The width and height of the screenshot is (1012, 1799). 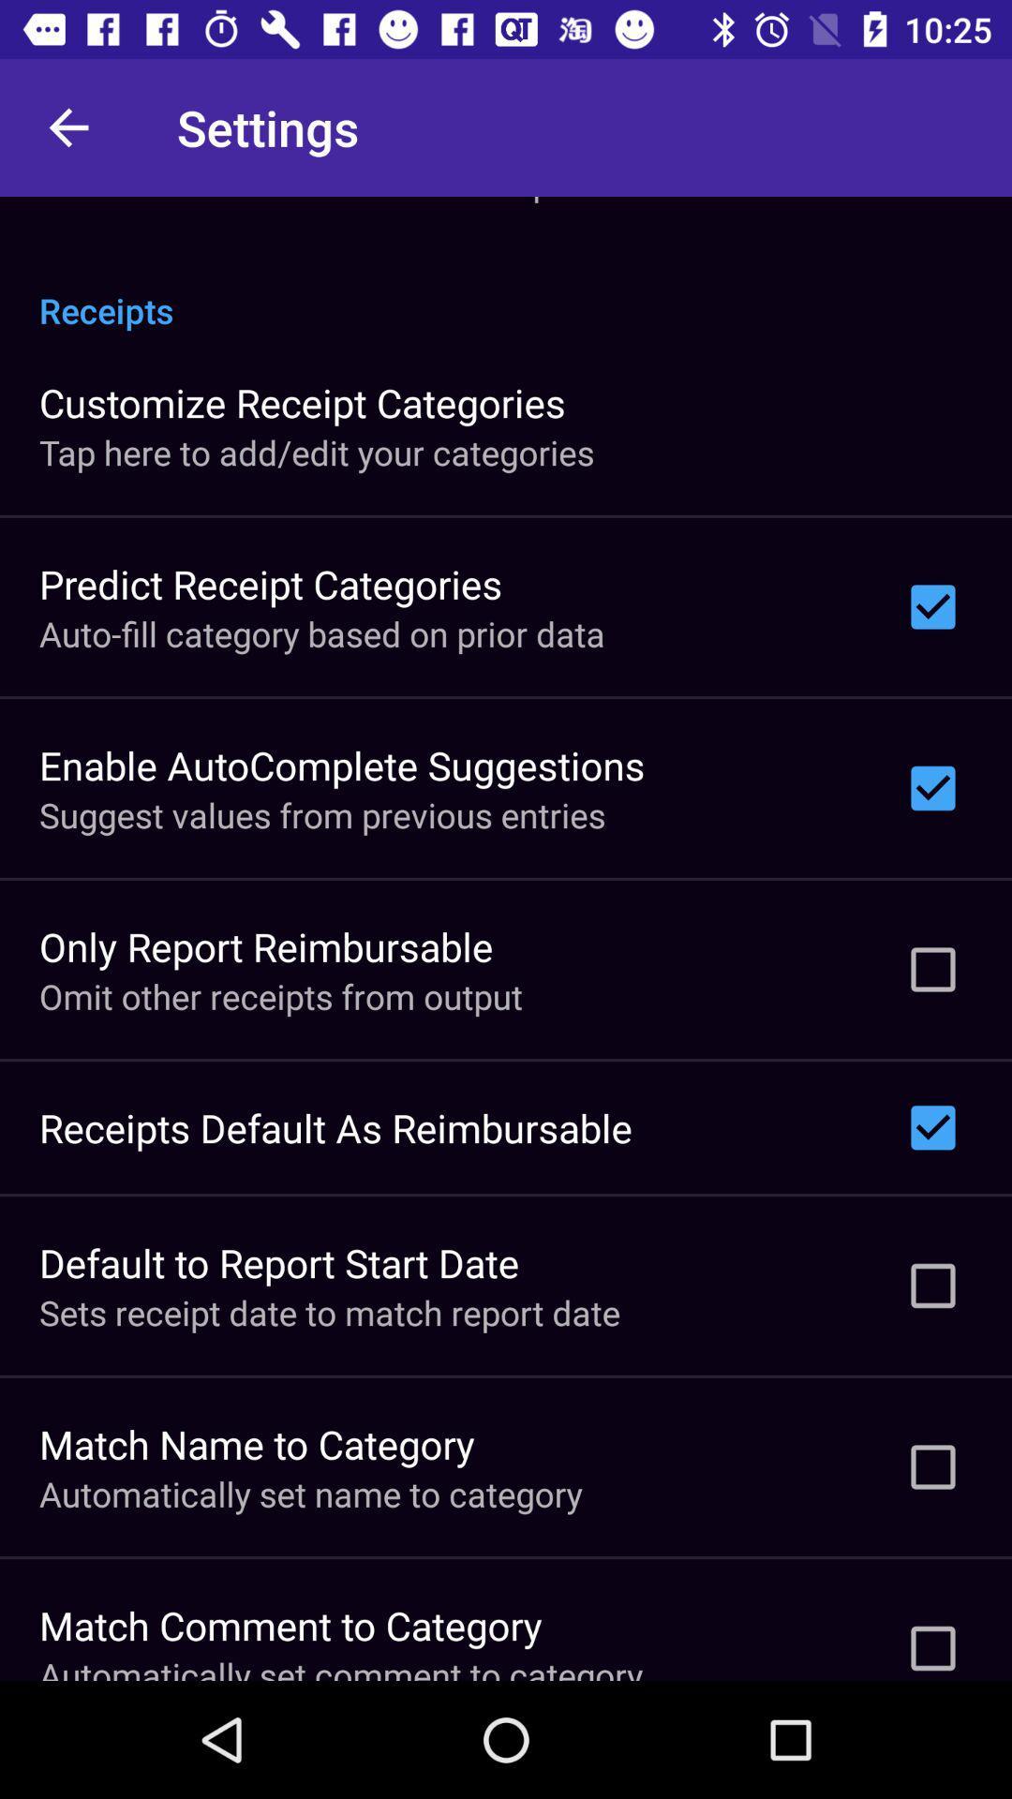 I want to click on item above only report reimbursable item, so click(x=321, y=814).